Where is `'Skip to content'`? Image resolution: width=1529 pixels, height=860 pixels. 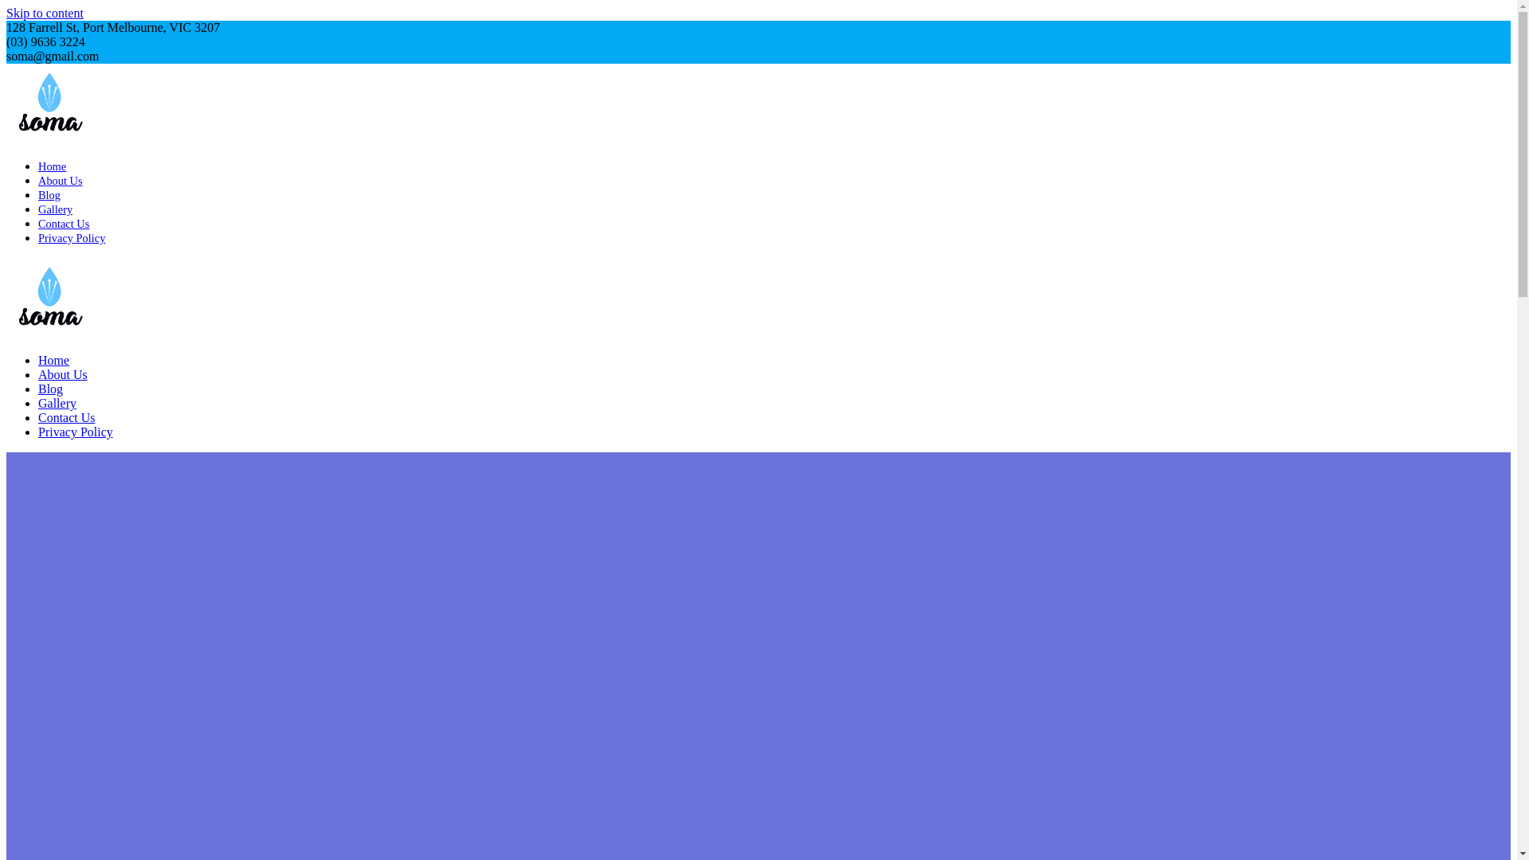
'Skip to content' is located at coordinates (45, 13).